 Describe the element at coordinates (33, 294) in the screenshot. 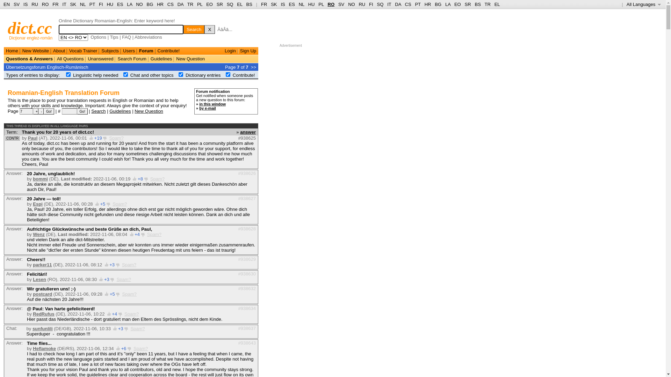

I see `'postcard'` at that location.